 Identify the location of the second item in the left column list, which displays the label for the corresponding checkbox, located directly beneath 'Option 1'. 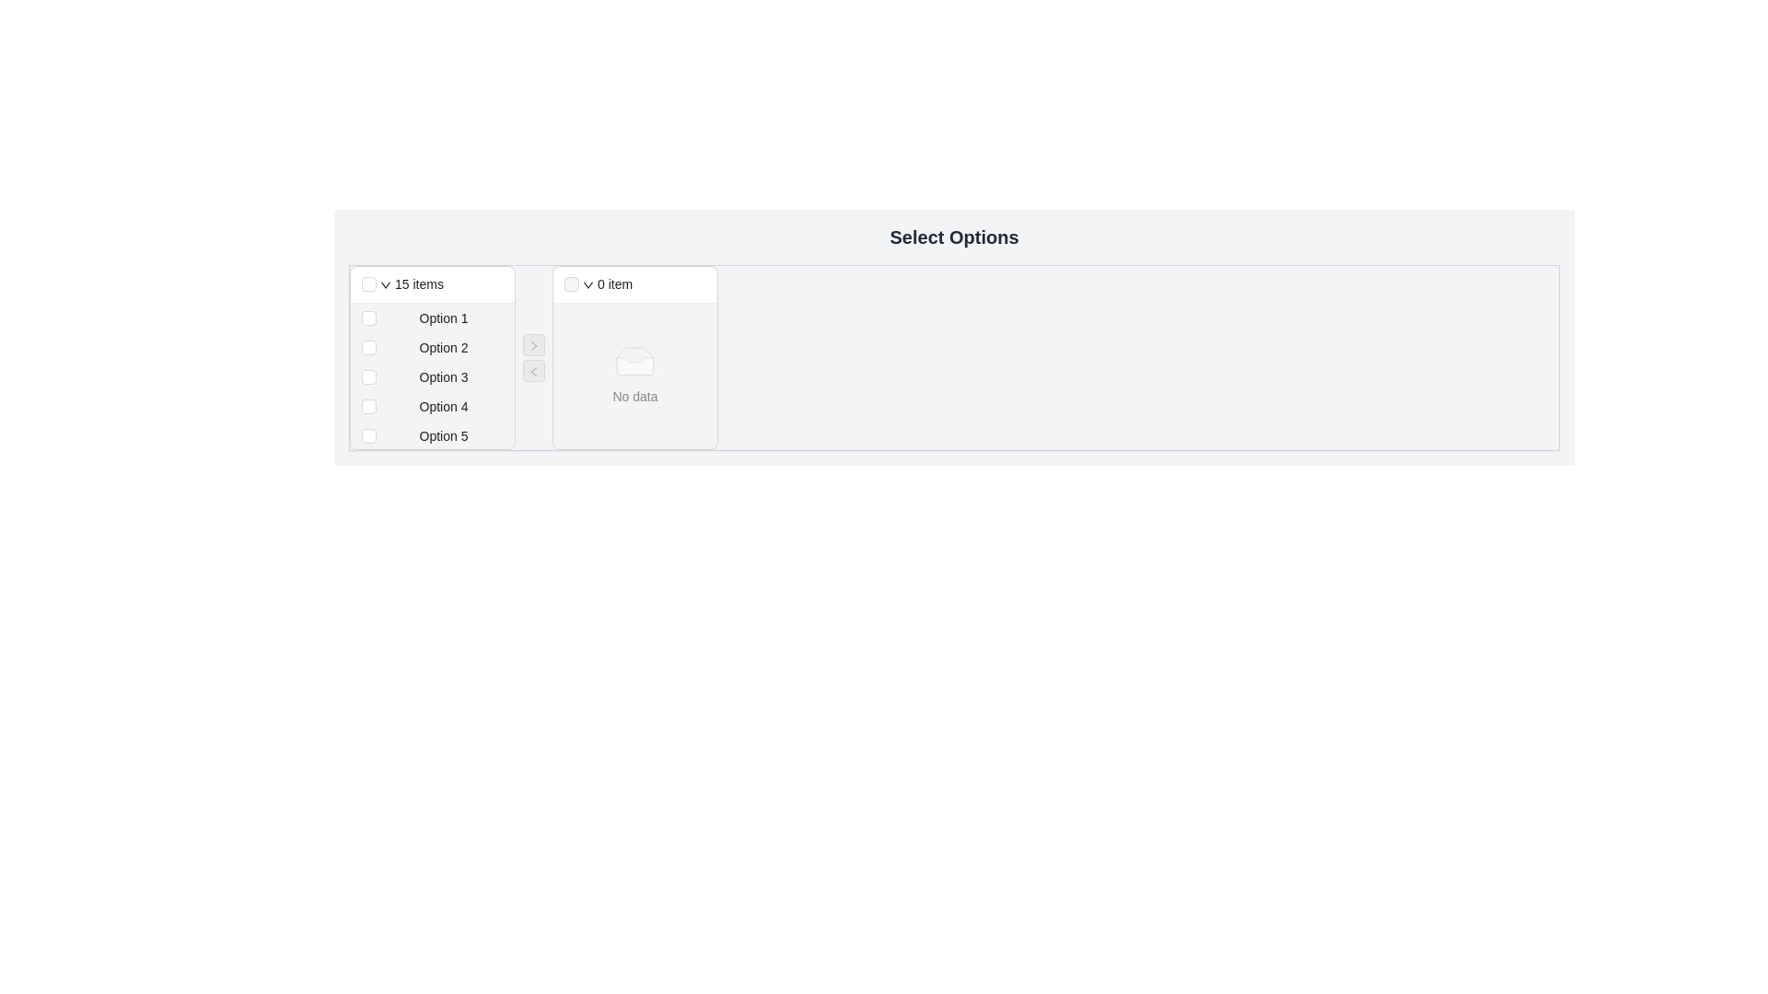
(443, 348).